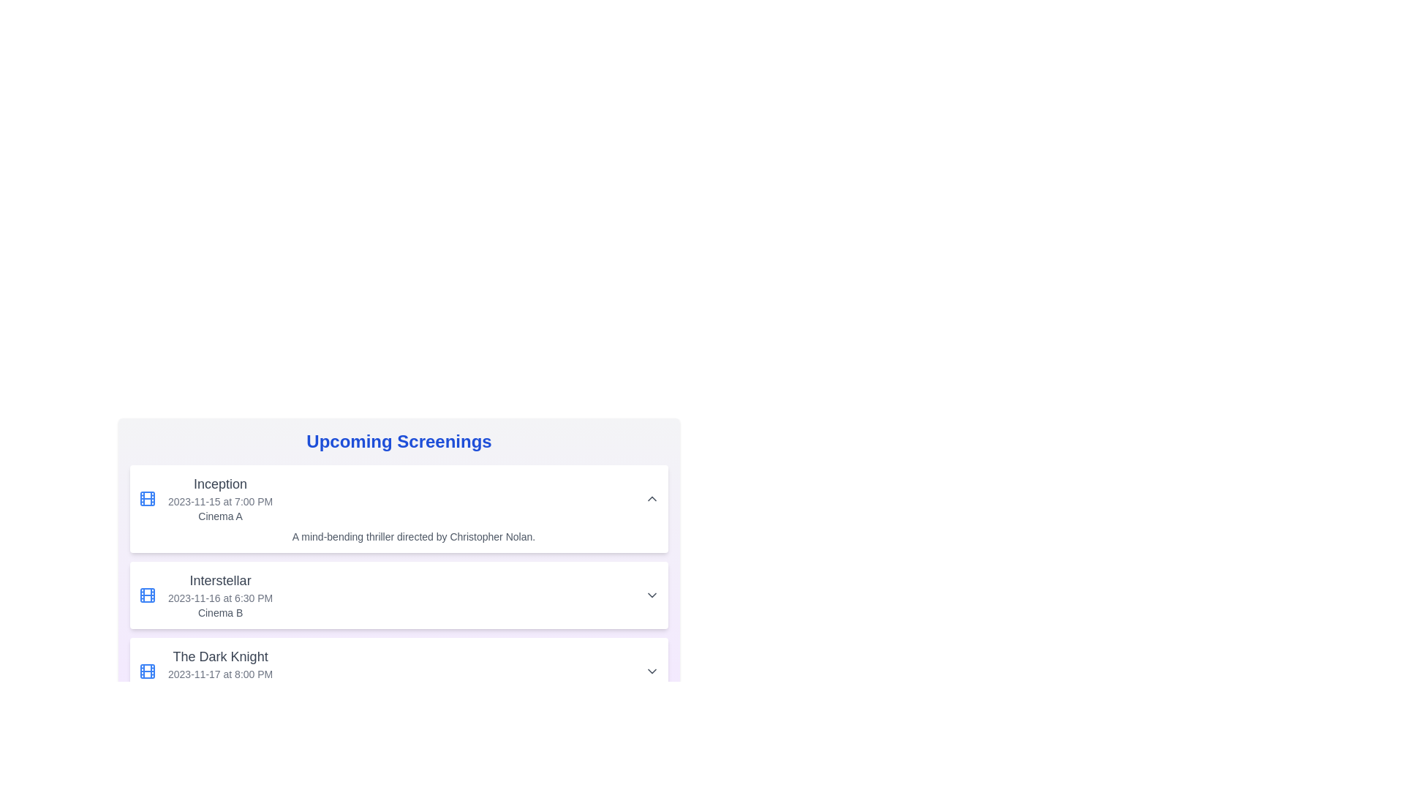  What do you see at coordinates (147, 671) in the screenshot?
I see `the movie icon representing 'The Dark Knight' in the third section of the 'Upcoming Screenings' list` at bounding box center [147, 671].